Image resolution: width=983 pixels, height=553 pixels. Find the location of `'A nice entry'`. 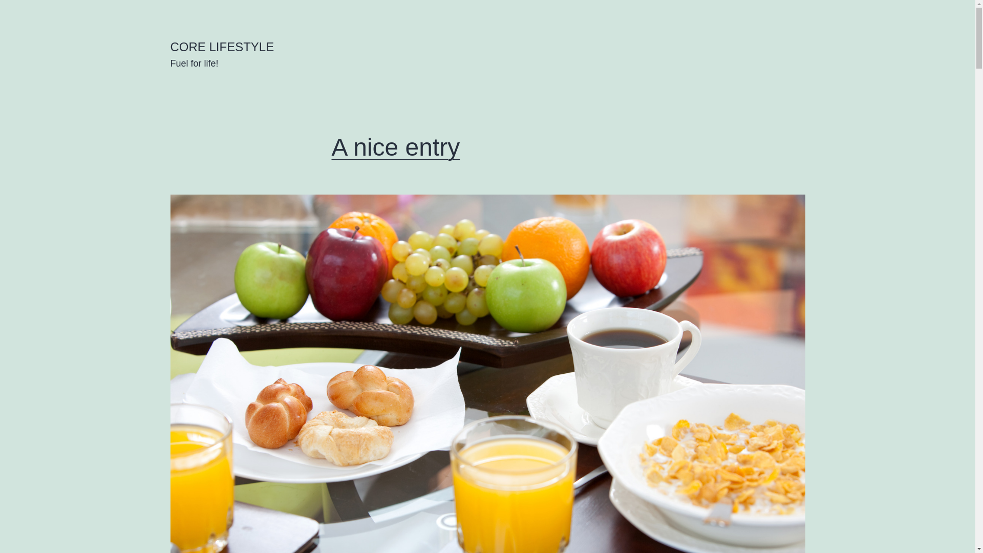

'A nice entry' is located at coordinates (395, 147).